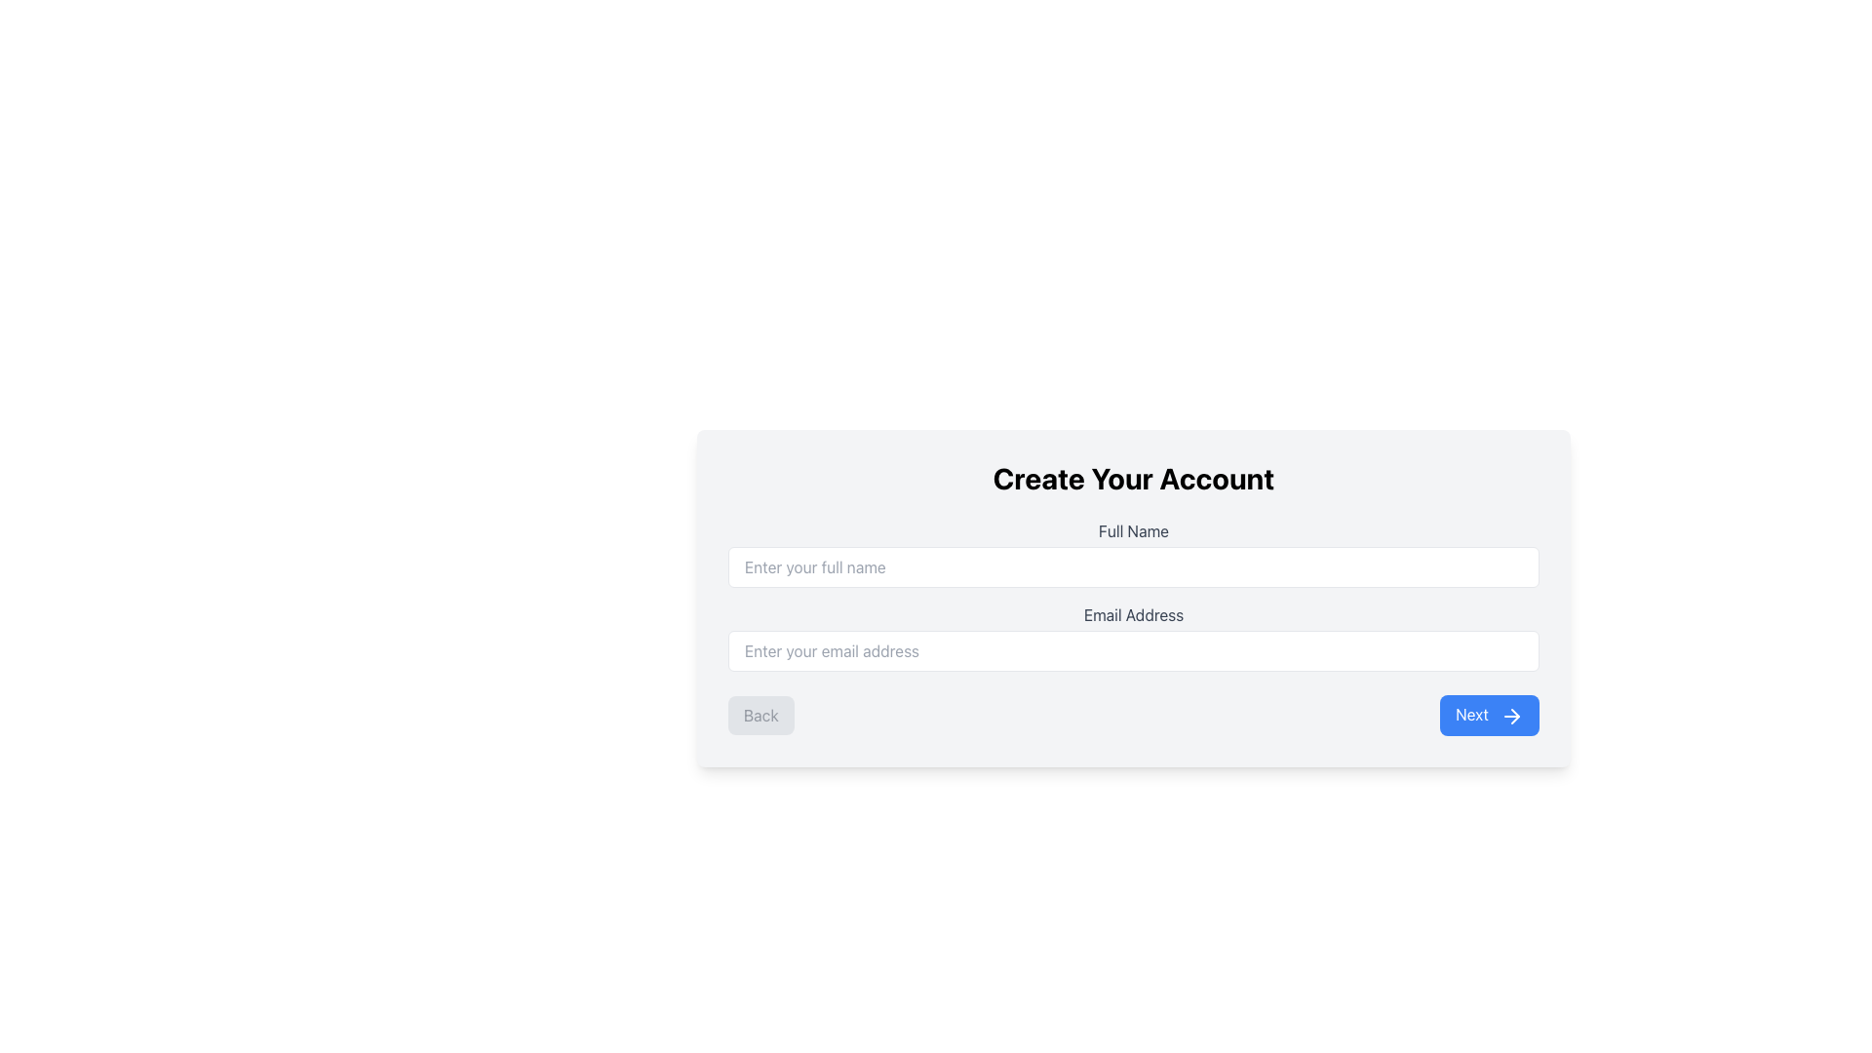 This screenshot has height=1053, width=1872. Describe the element at coordinates (1514, 716) in the screenshot. I see `the arrow icon located in the bottom-right corner of the form interface within the 'Next' button group to proceed` at that location.